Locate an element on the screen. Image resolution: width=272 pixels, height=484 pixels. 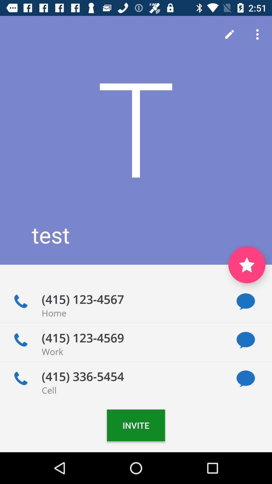
send a text message to this number is located at coordinates (245, 301).